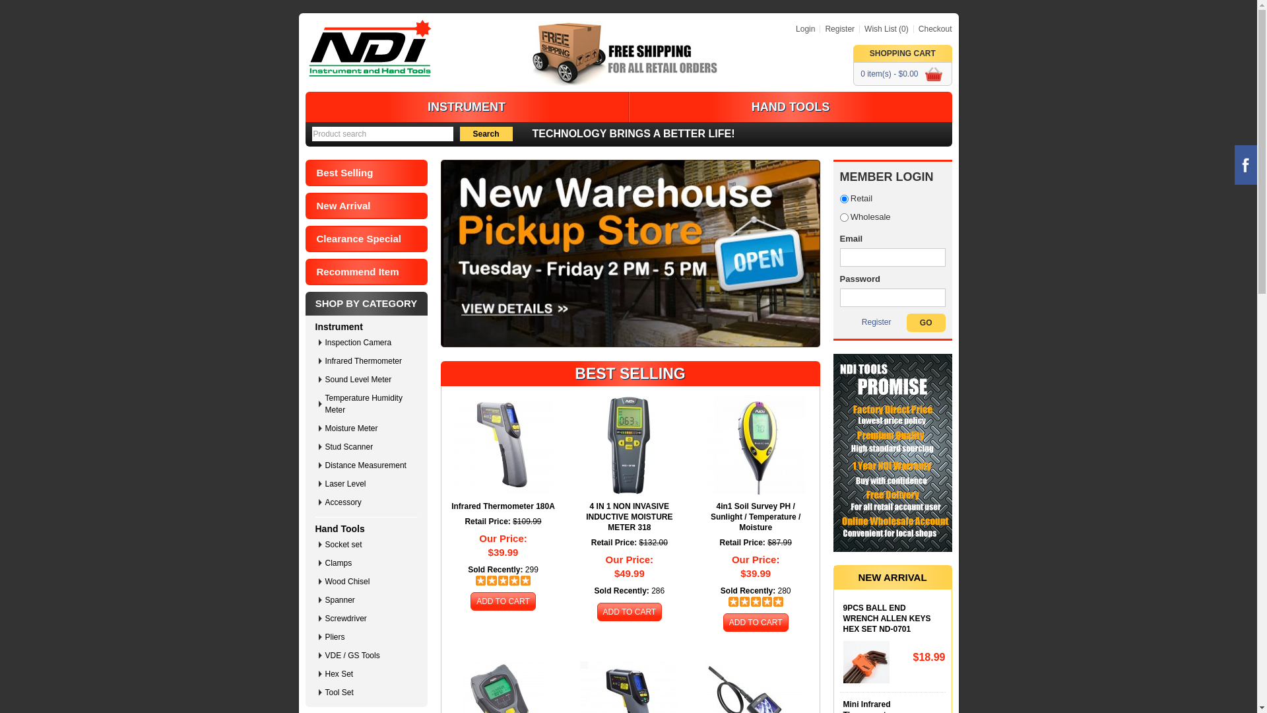 The image size is (1267, 713). Describe the element at coordinates (901, 73) in the screenshot. I see `'0 item(s) - $0.00'` at that location.